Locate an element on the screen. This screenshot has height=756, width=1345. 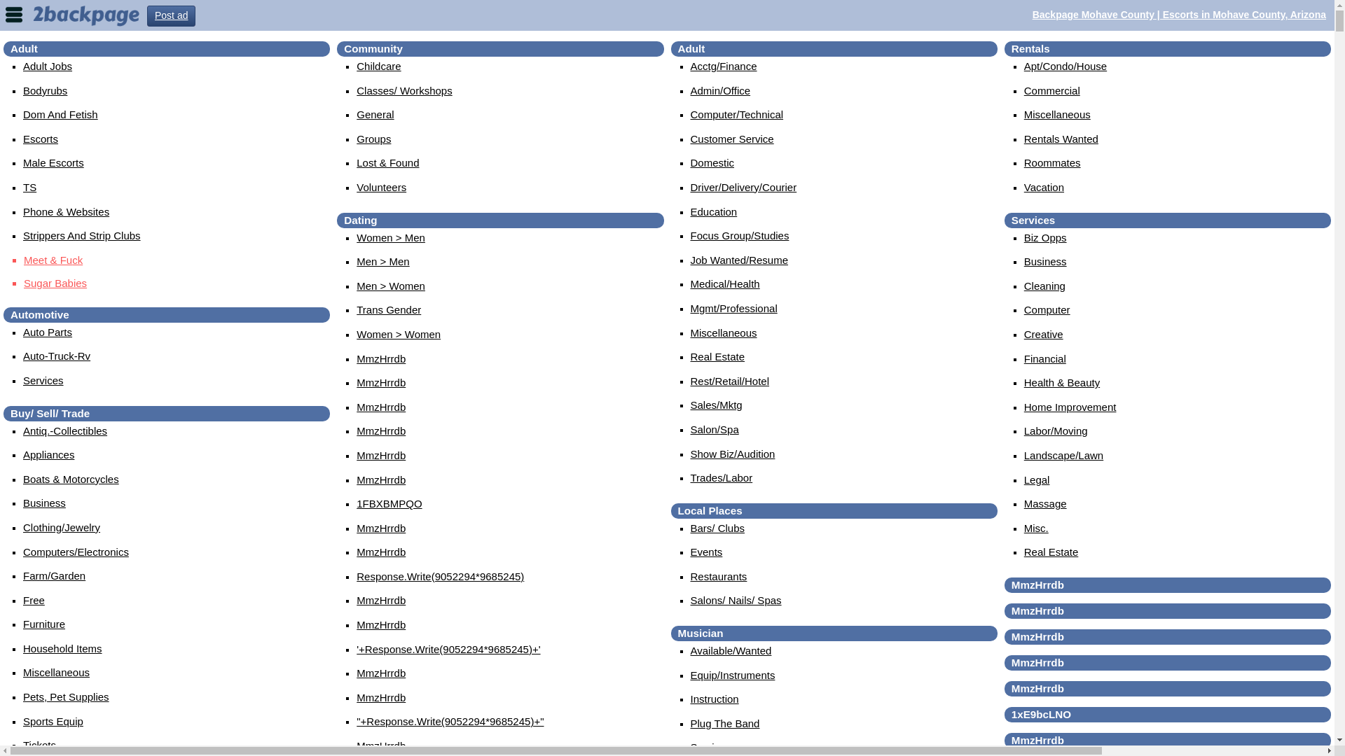
'Legal' is located at coordinates (1037, 478).